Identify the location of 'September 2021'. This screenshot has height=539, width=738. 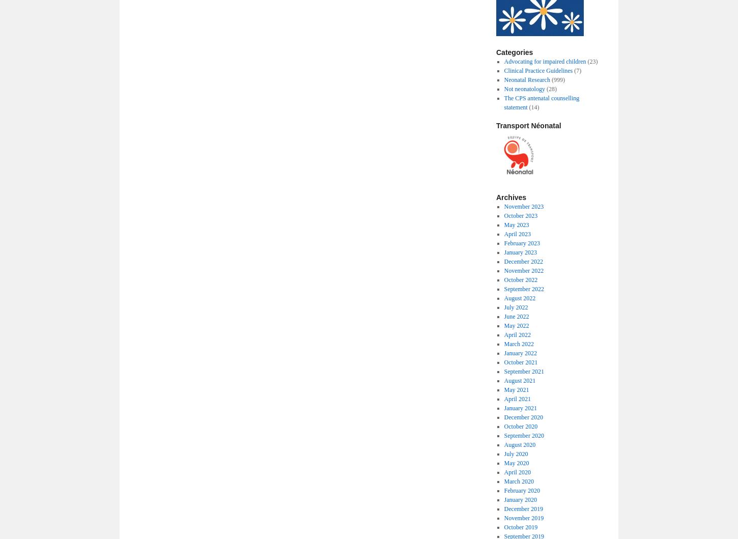
(524, 371).